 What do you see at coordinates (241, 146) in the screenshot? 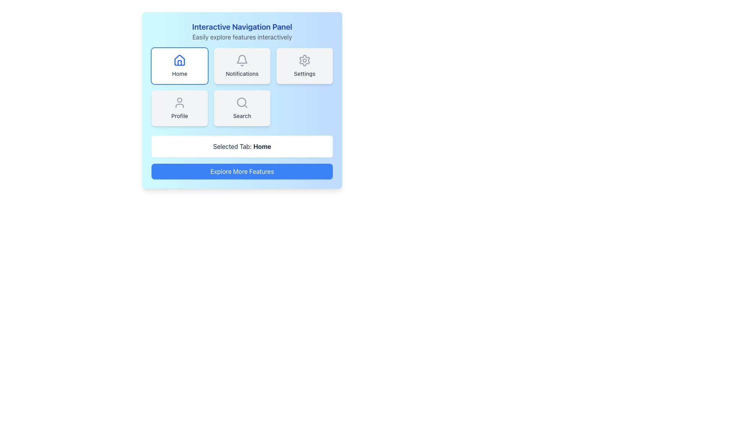
I see `the label that indicates the currently selected tab, located below the grid of buttons and above the 'Explore More Features' button` at bounding box center [241, 146].